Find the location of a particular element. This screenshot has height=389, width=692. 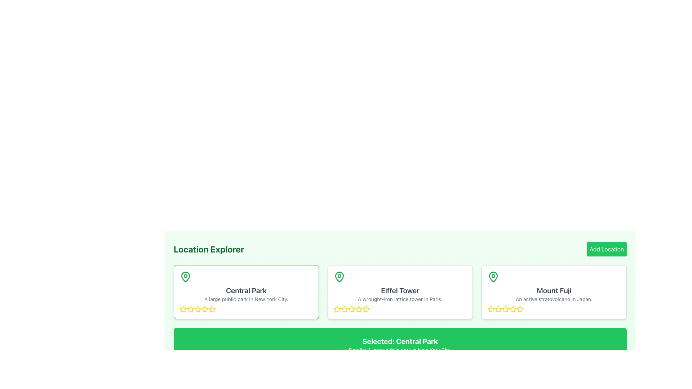

the fourth yellow rating star icon located beneath the 'Mount Fuji' text to adjust ratings is located at coordinates (519, 308).